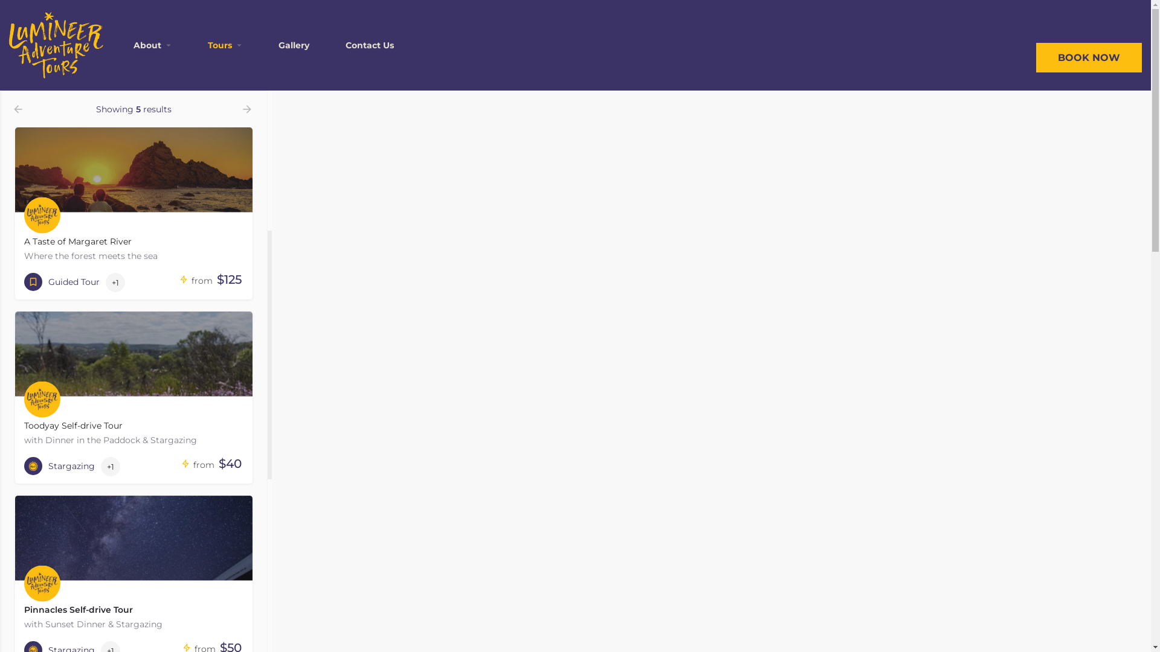 This screenshot has height=652, width=1160. I want to click on 'Reset Filters', so click(134, 58).